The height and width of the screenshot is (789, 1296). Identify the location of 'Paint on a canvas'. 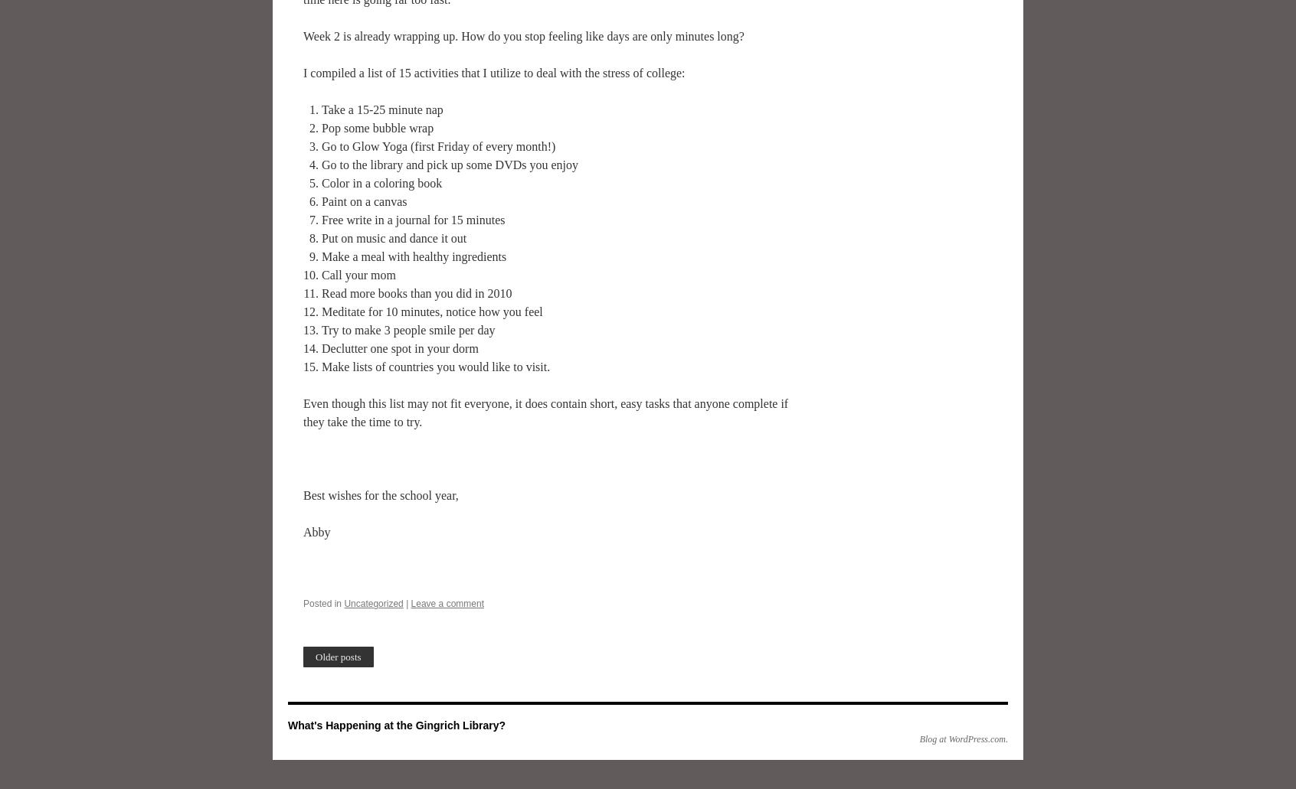
(363, 201).